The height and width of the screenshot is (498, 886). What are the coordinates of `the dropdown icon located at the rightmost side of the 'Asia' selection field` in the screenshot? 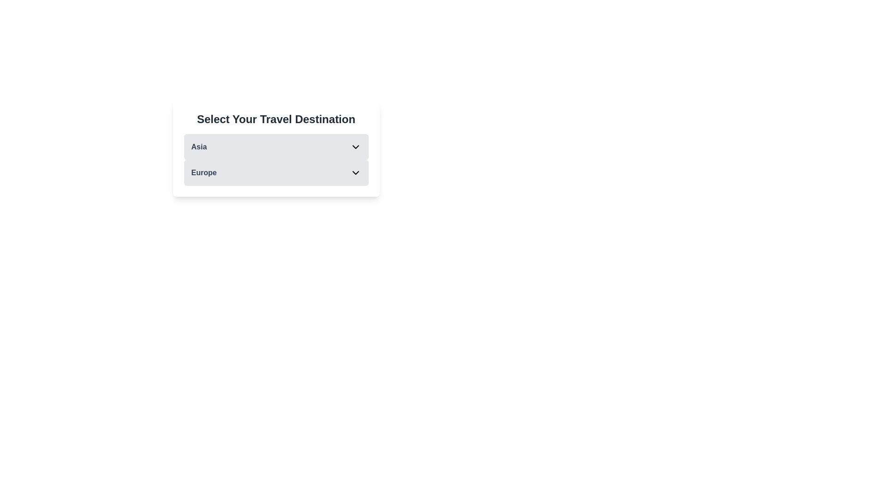 It's located at (355, 147).